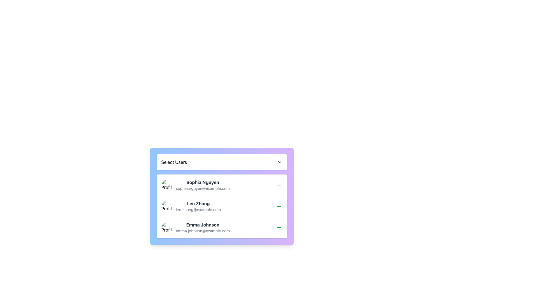 This screenshot has height=302, width=538. What do you see at coordinates (221, 185) in the screenshot?
I see `the first list item representing a user in the 'Select Users' section to read their name and email details` at bounding box center [221, 185].